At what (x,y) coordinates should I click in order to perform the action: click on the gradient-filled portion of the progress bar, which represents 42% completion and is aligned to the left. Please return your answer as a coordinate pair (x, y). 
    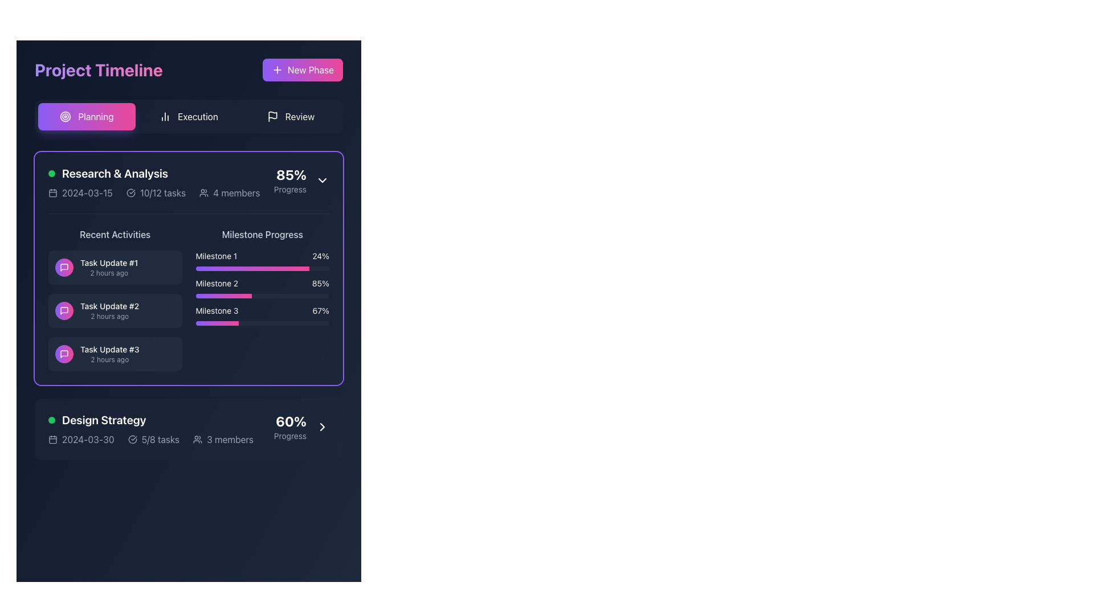
    Looking at the image, I should click on (223, 296).